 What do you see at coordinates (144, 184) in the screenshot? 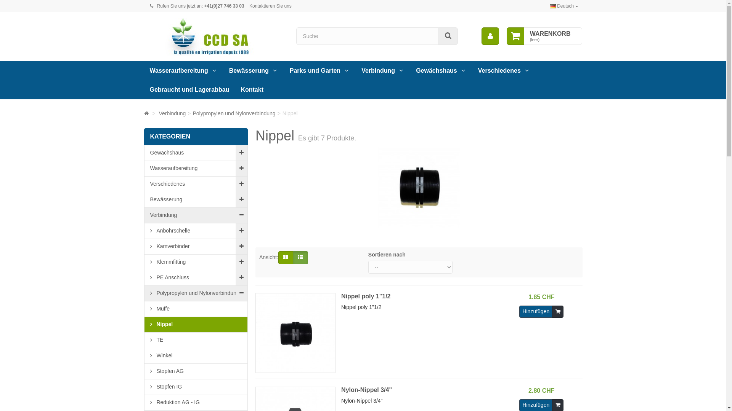
I see `'Verschiedenes'` at bounding box center [144, 184].